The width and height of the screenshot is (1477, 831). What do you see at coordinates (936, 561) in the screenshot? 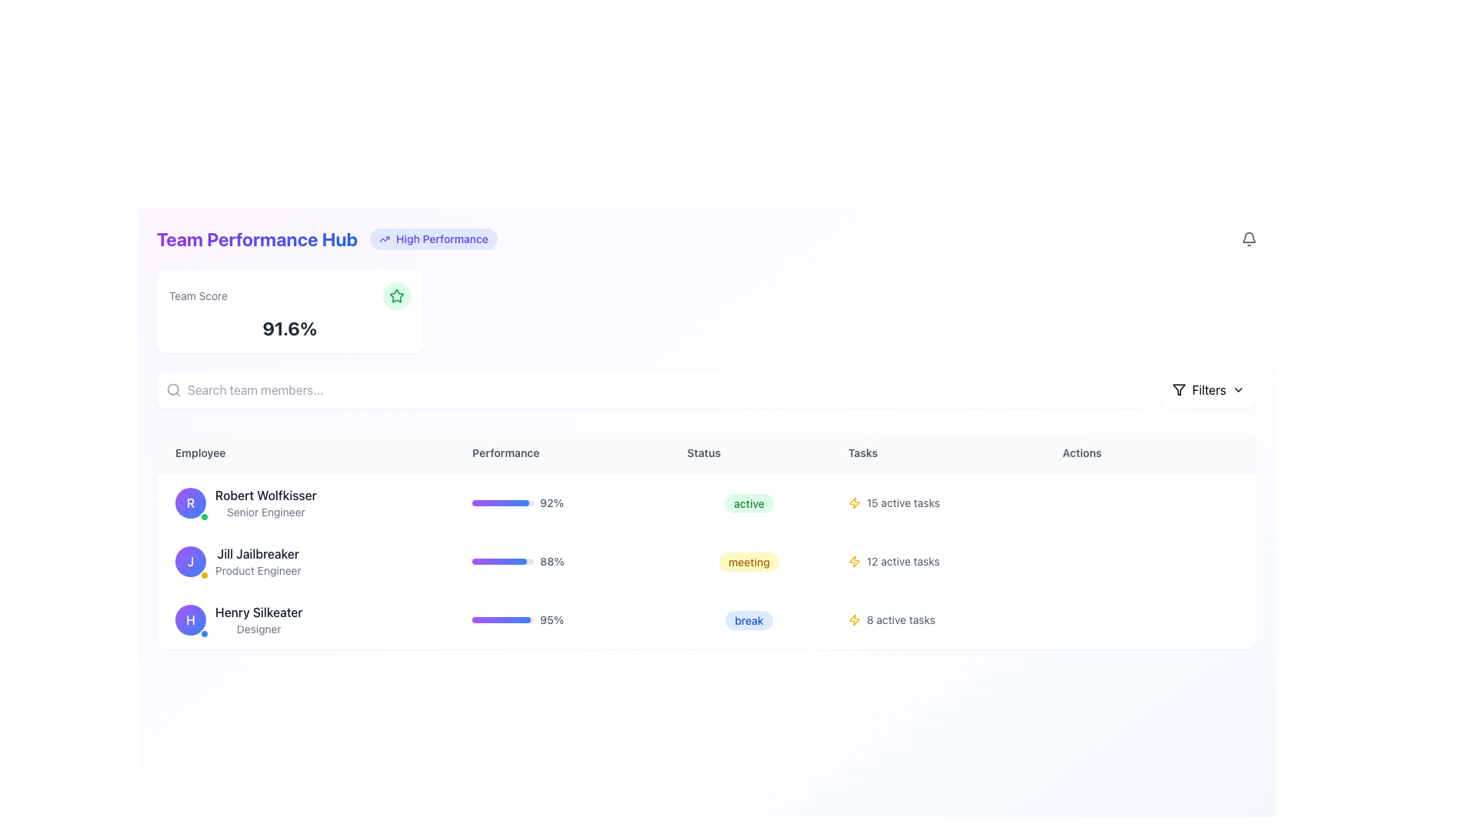
I see `information from the '12 active tasks.' text element with a lightning bolt icon located in the 'Tasks' column of the second row in the table` at bounding box center [936, 561].